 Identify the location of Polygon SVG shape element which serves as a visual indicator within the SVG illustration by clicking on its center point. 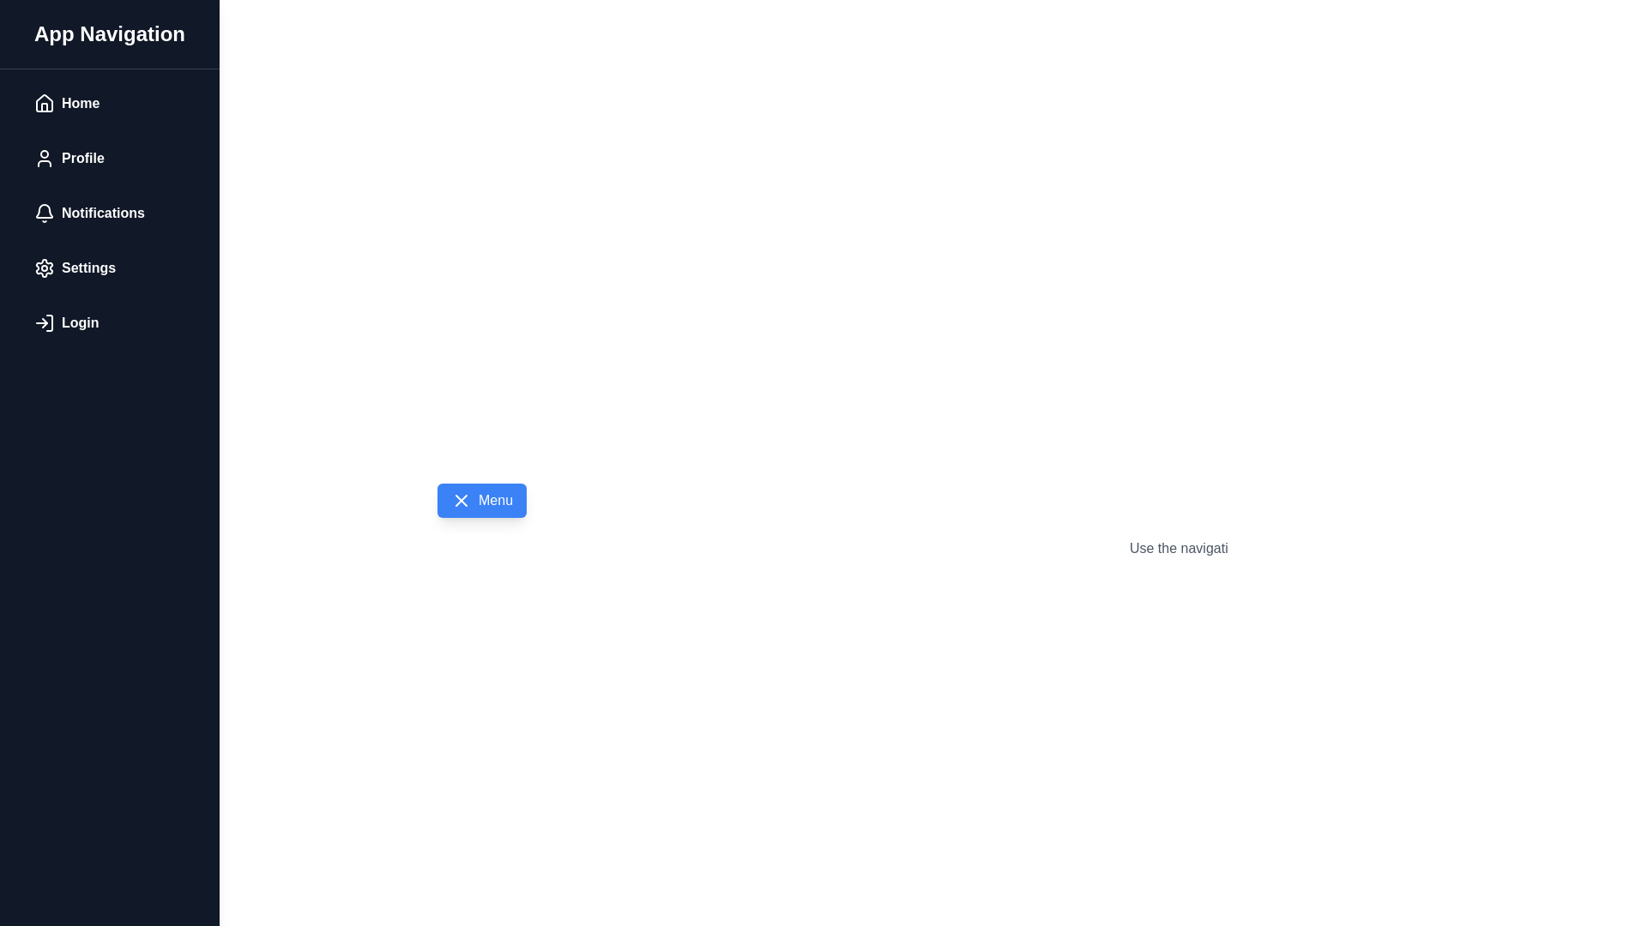
(45, 323).